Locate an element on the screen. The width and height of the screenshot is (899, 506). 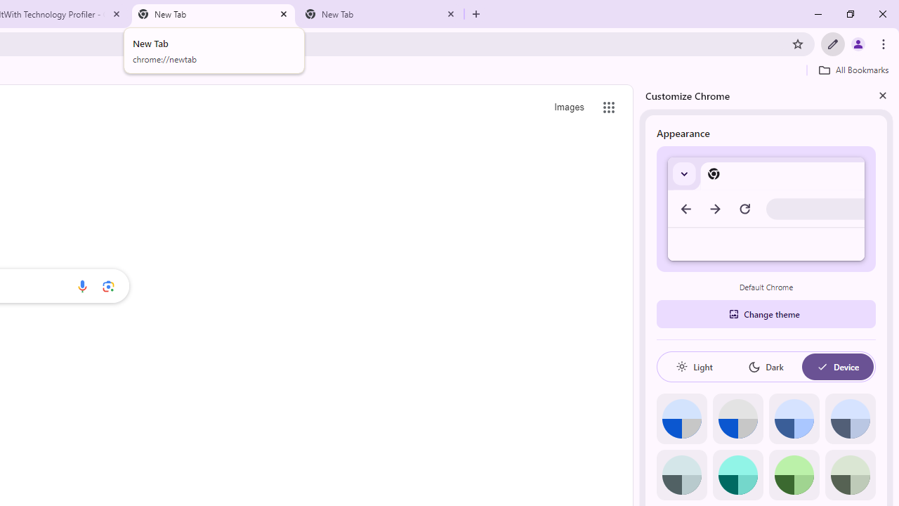
'AutomationID: baseSvg' is located at coordinates (822, 366).